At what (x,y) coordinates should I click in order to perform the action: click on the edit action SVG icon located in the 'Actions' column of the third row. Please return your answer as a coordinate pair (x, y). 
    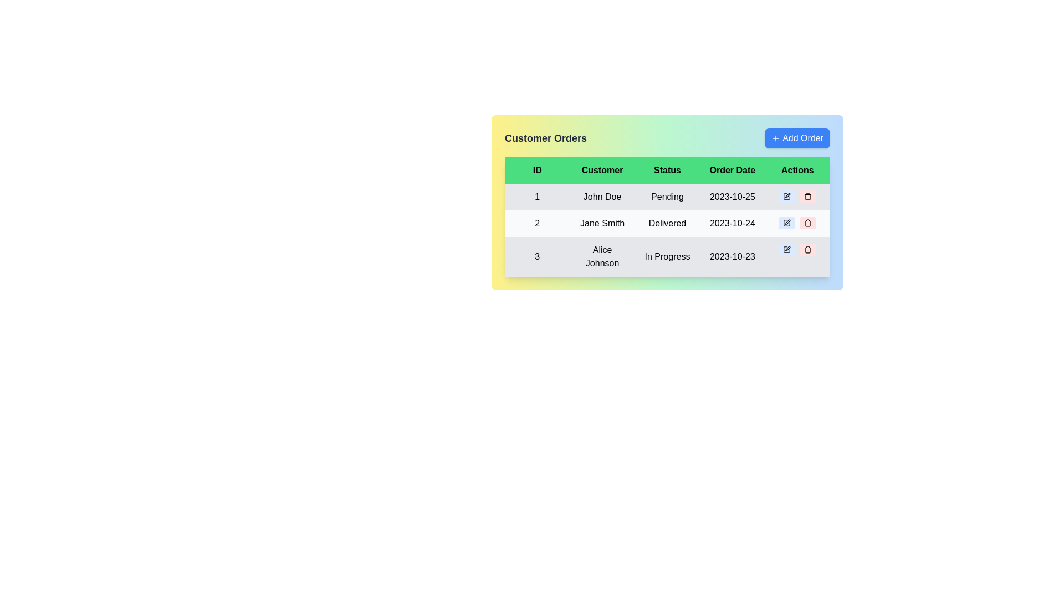
    Looking at the image, I should click on (786, 250).